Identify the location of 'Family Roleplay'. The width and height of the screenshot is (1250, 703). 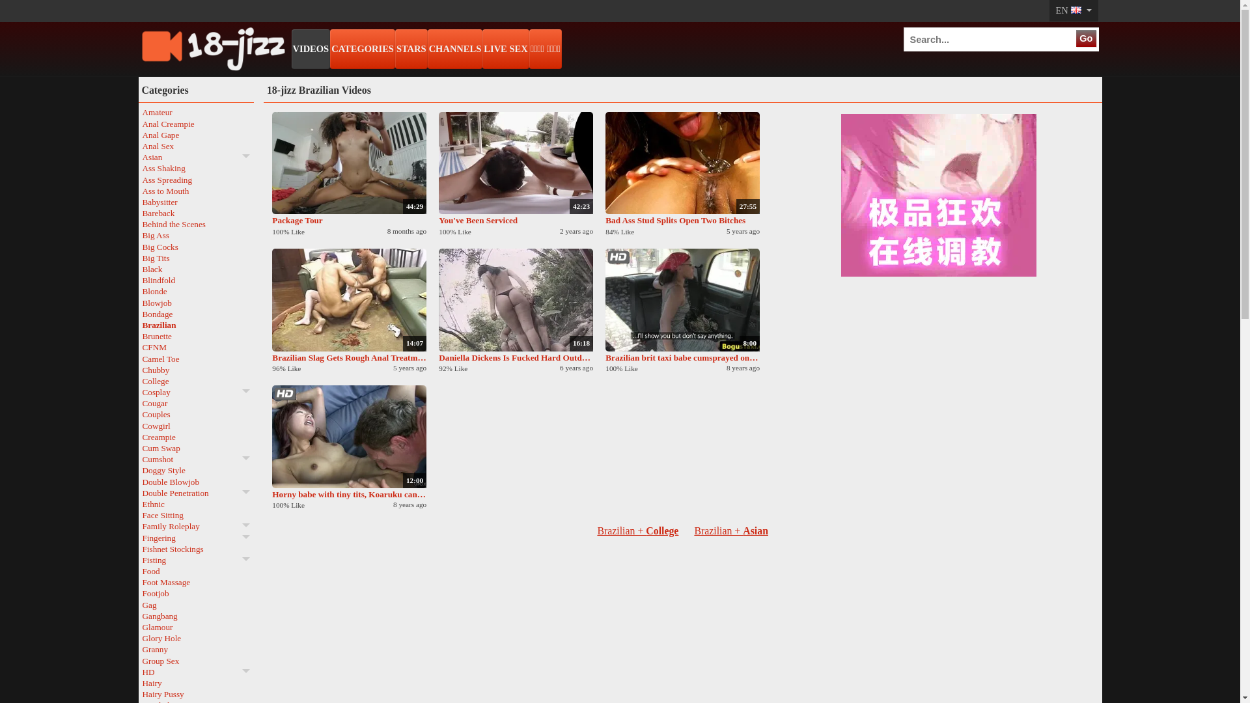
(195, 525).